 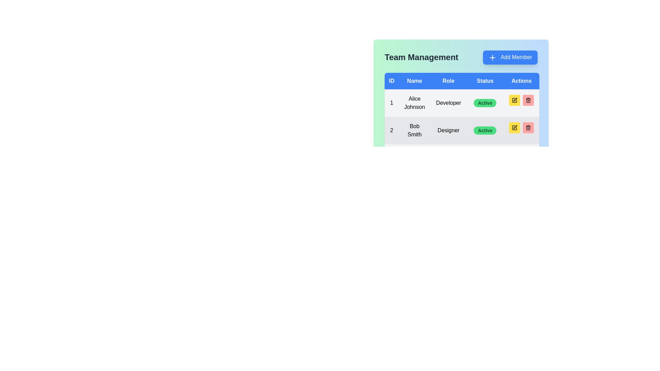 What do you see at coordinates (528, 101) in the screenshot?
I see `the trash can icon located in the 'Actions' column of the second row in the table under the 'Team Management' section` at bounding box center [528, 101].